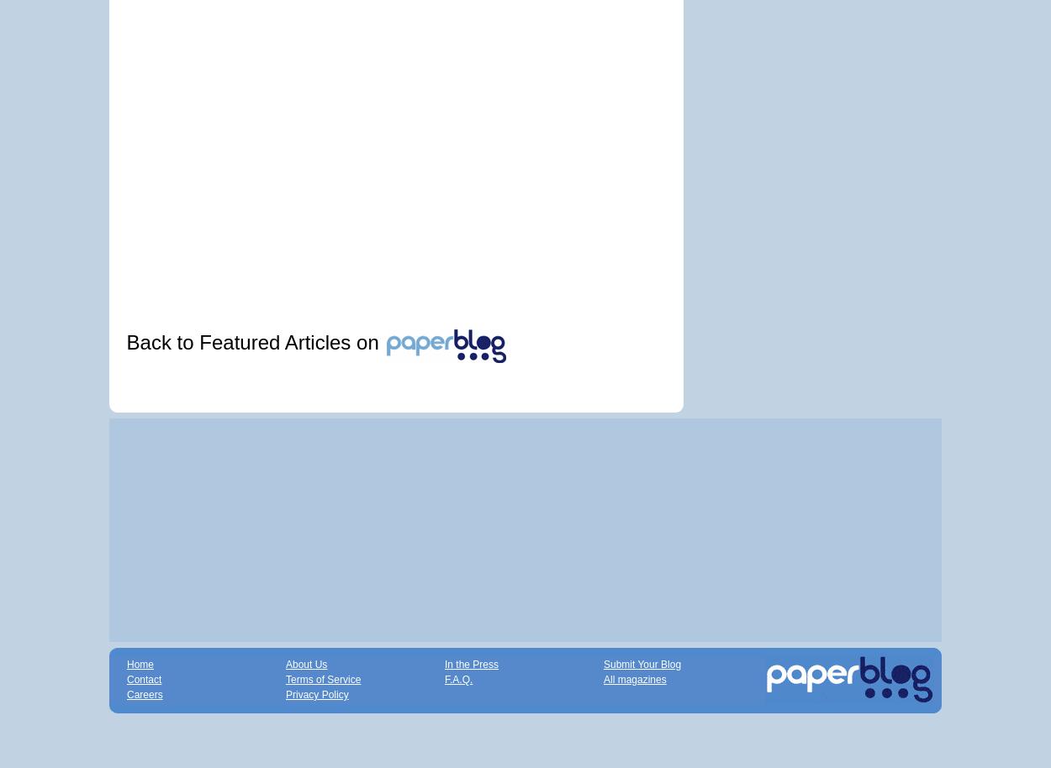 This screenshot has height=768, width=1051. Describe the element at coordinates (145, 694) in the screenshot. I see `'Careers'` at that location.